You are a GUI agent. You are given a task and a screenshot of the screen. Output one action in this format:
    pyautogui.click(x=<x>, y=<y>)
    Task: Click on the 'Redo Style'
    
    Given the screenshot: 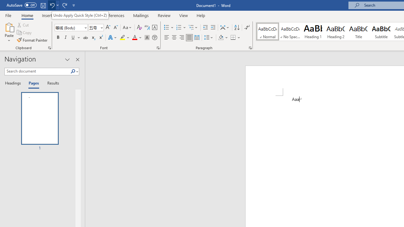 What is the action you would take?
    pyautogui.click(x=64, y=5)
    